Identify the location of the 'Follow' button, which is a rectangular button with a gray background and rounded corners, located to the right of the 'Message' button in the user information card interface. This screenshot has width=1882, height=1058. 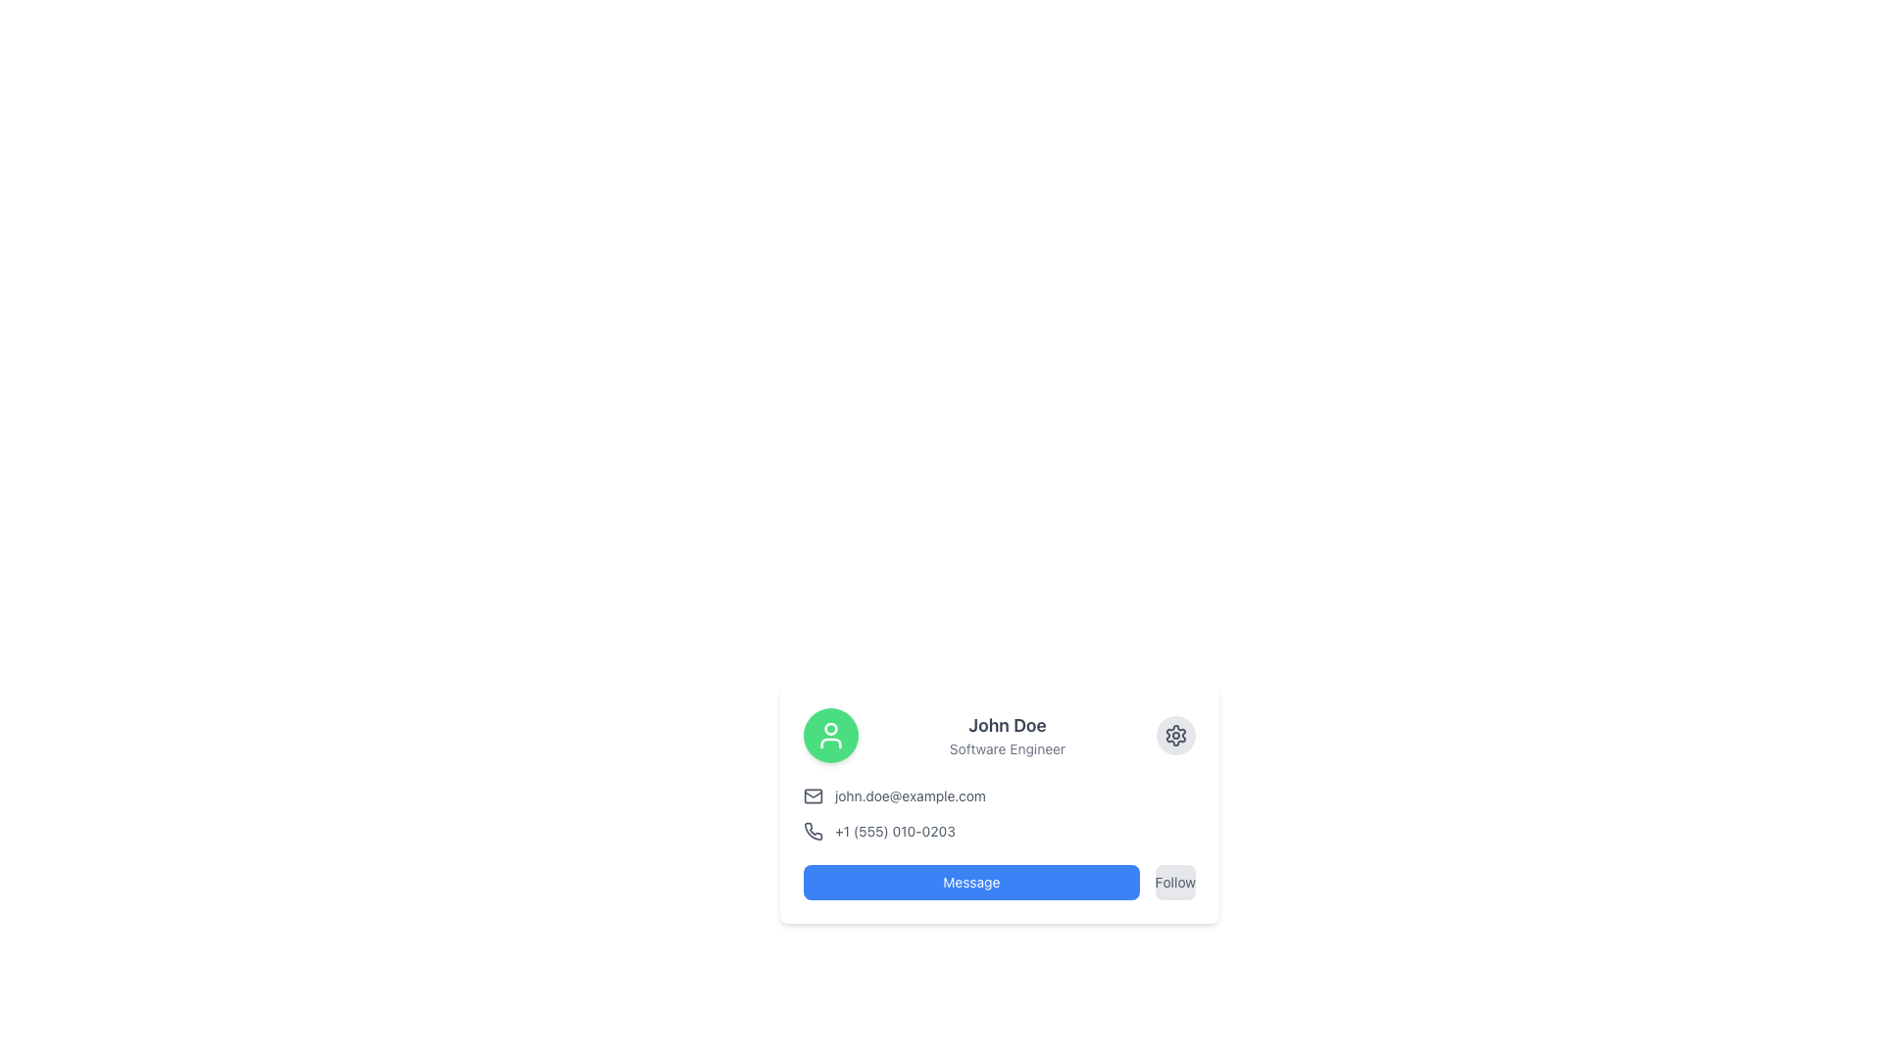
(1175, 883).